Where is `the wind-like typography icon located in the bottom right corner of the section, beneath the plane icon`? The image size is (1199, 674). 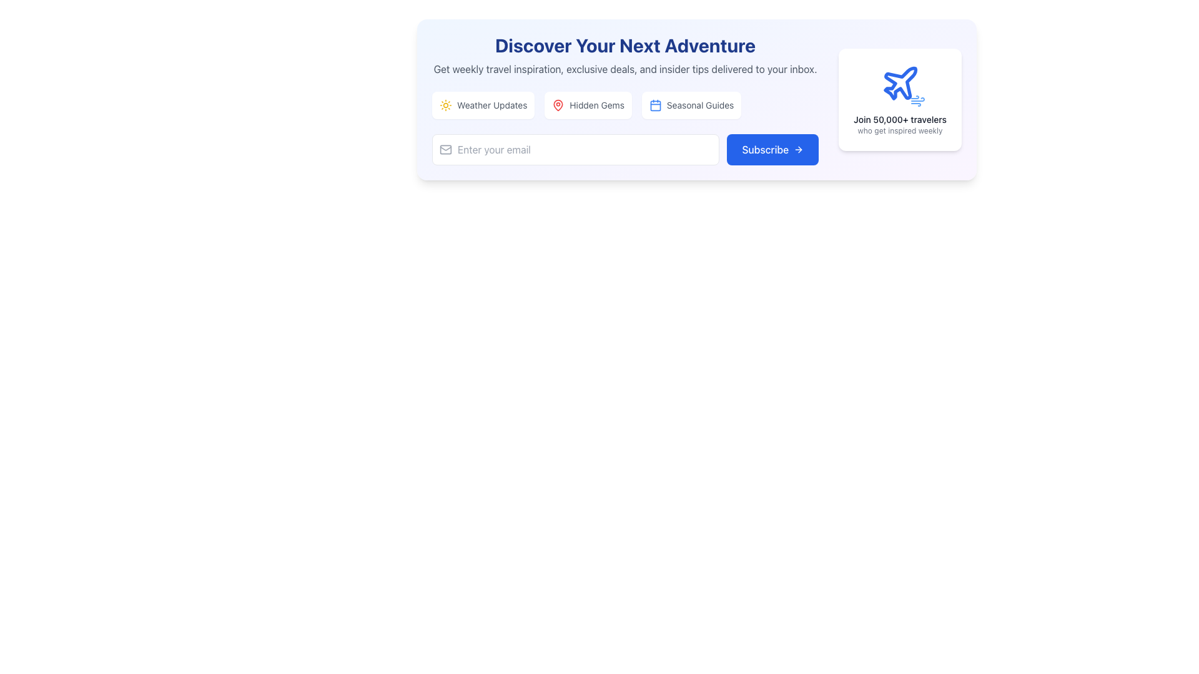 the wind-like typography icon located in the bottom right corner of the section, beneath the plane icon is located at coordinates (917, 100).